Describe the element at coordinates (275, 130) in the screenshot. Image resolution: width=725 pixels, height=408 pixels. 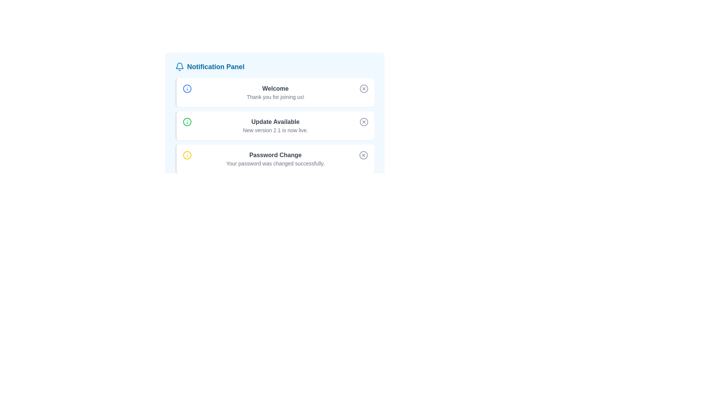
I see `the informational text snippet that reads 'New version 2.1 is now live.' located below the 'Update Available' heading in the notifications panel` at that location.